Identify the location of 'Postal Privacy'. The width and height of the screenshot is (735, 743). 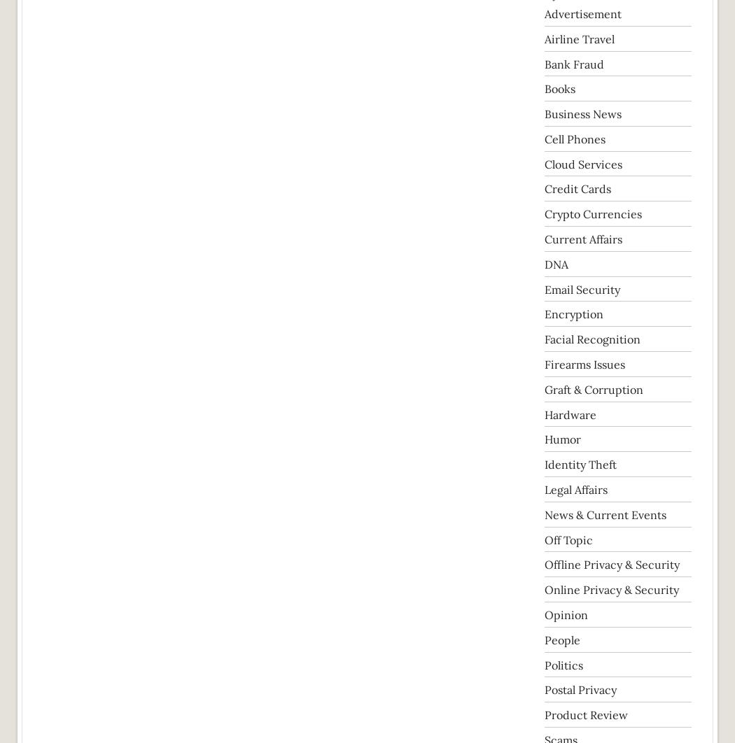
(580, 688).